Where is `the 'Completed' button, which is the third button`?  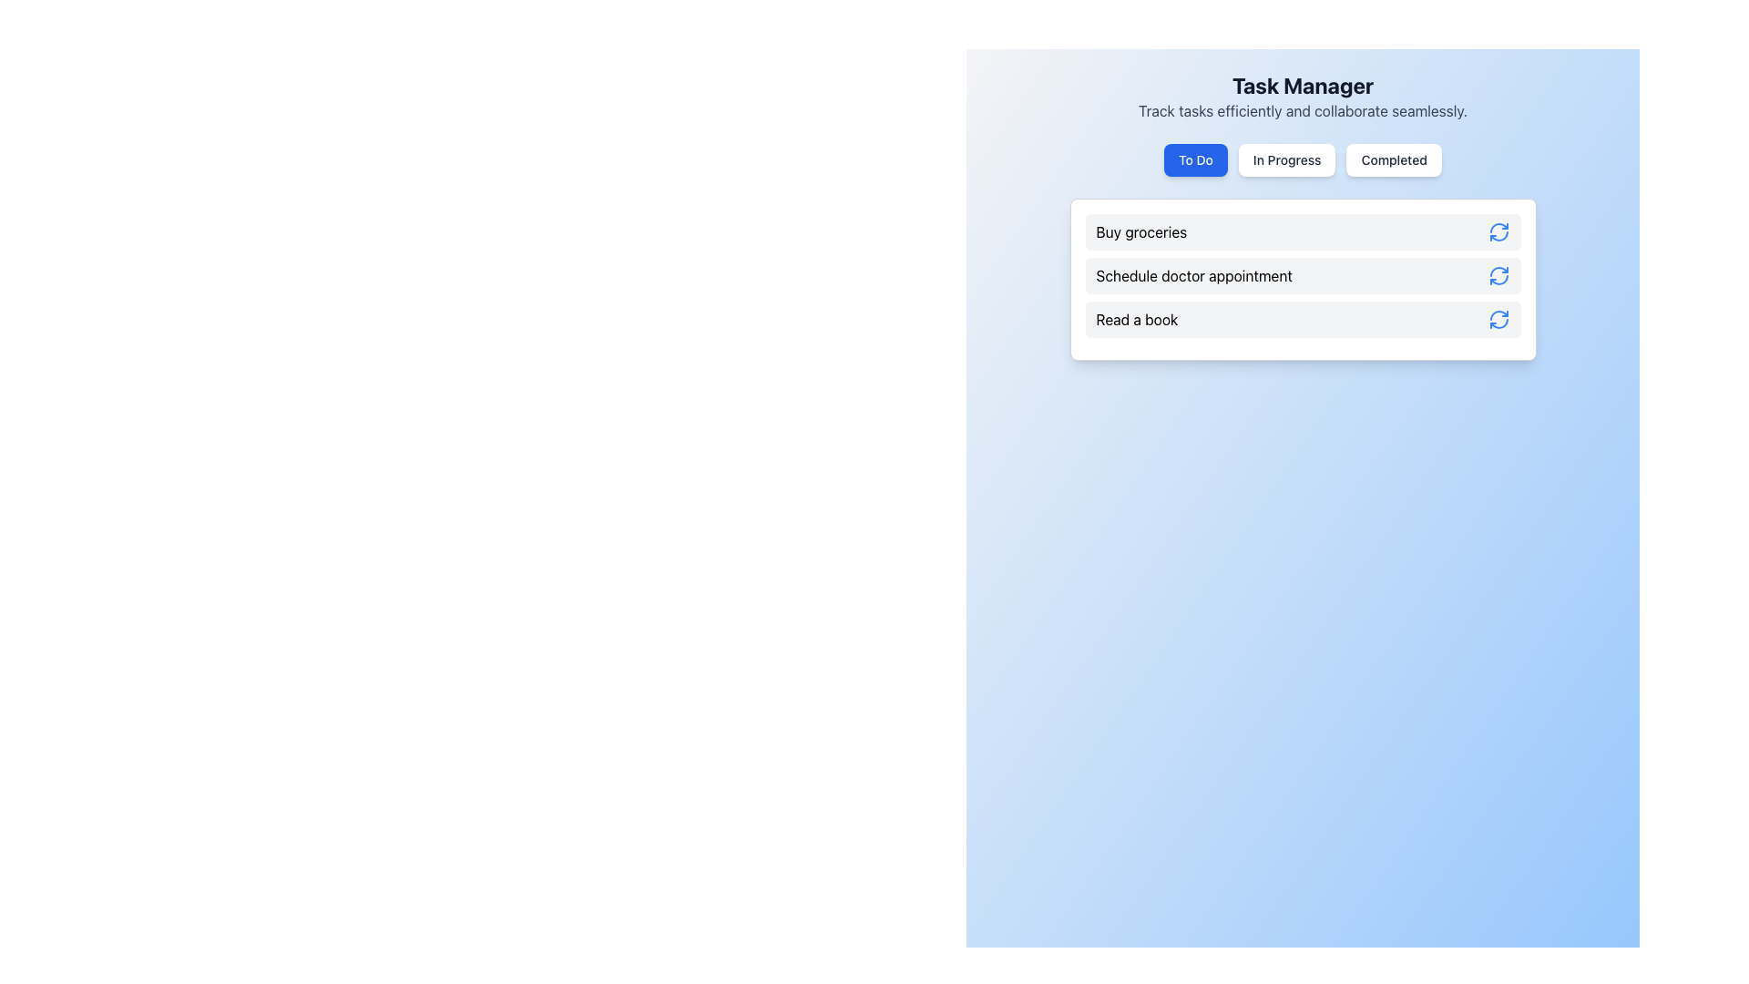
the 'Completed' button, which is the third button is located at coordinates (1393, 159).